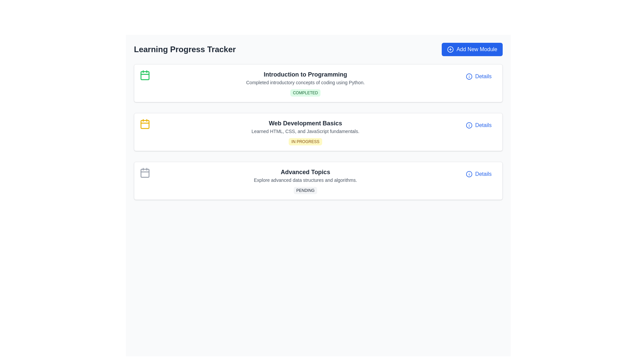  What do you see at coordinates (450, 49) in the screenshot?
I see `the SVG circle element that is part of the 'Add New Module' button's iconography, located near the upper-right corner of the interface` at bounding box center [450, 49].